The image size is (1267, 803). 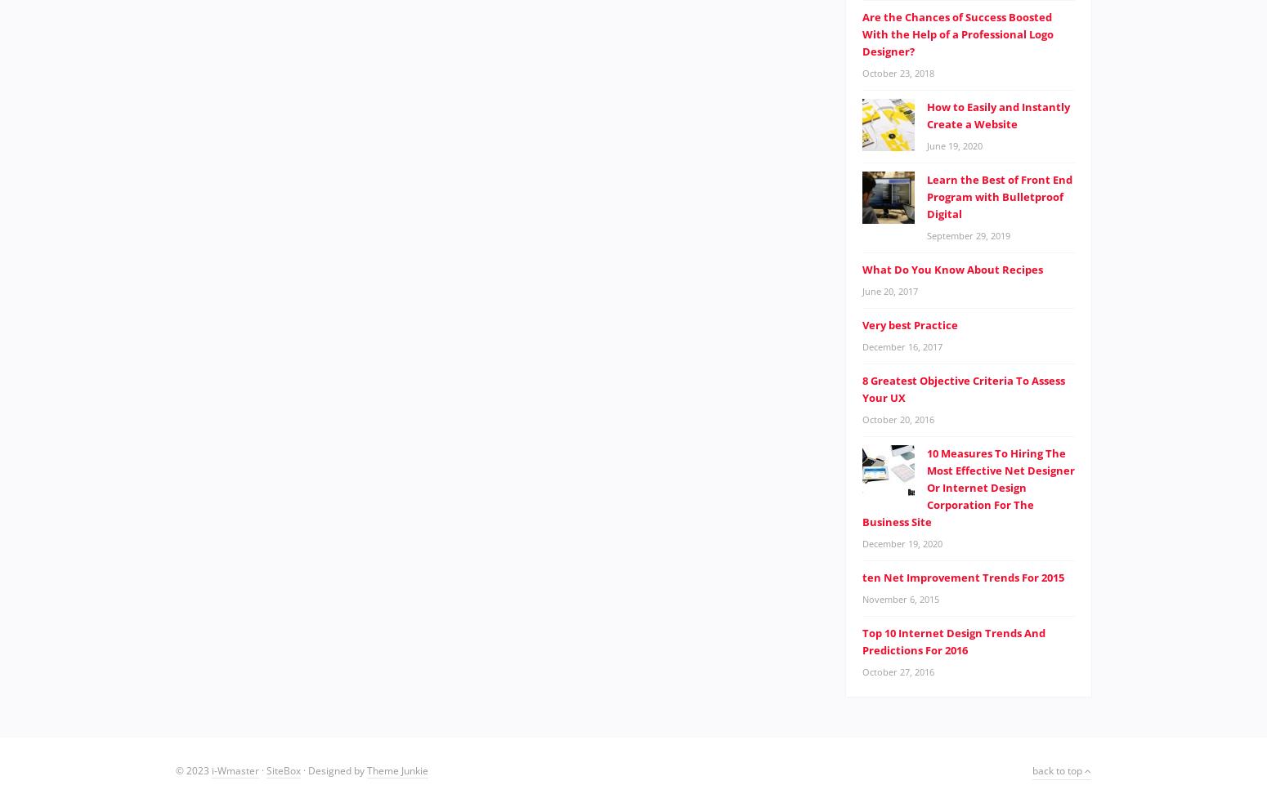 I want to click on 'October 20, 2016', so click(x=897, y=418).